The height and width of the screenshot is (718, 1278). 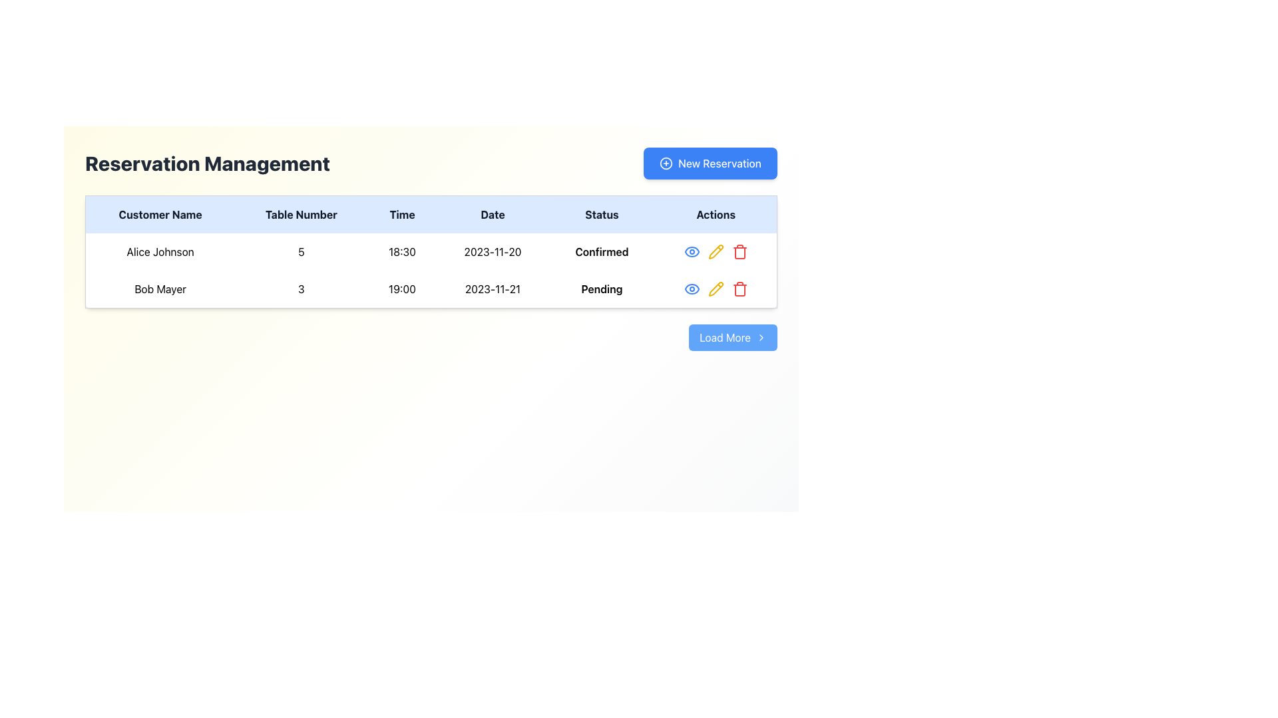 What do you see at coordinates (492, 289) in the screenshot?
I see `the text element displaying '2023-11-21' located in the fourth column of the second row of the table, positioned between the time column ('19:00') and the status column ('Pending')` at bounding box center [492, 289].